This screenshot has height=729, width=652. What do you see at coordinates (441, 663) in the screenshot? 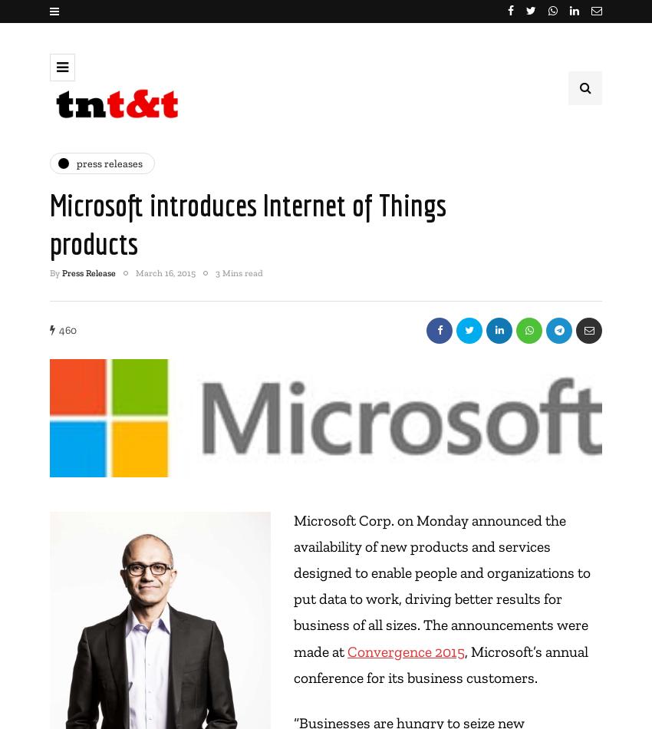
I see `', Microsoft’s annual conference for its business customers.'` at bounding box center [441, 663].